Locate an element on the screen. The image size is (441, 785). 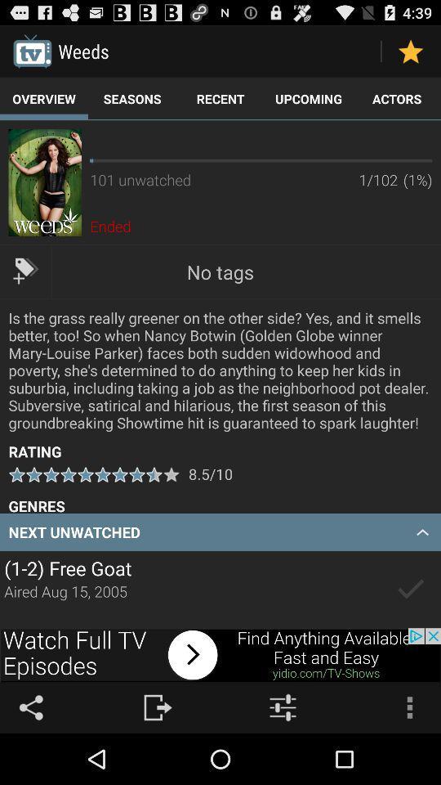
mark as watched is located at coordinates (410, 589).